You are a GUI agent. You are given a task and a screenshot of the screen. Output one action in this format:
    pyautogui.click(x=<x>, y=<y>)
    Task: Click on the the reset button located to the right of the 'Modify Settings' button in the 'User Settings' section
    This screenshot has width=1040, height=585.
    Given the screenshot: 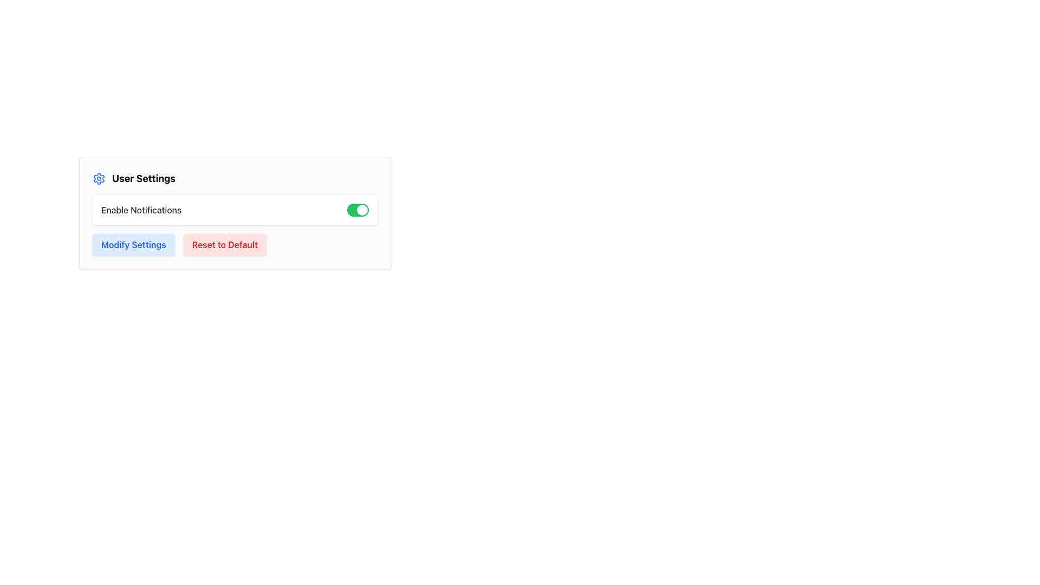 What is the action you would take?
    pyautogui.click(x=224, y=244)
    